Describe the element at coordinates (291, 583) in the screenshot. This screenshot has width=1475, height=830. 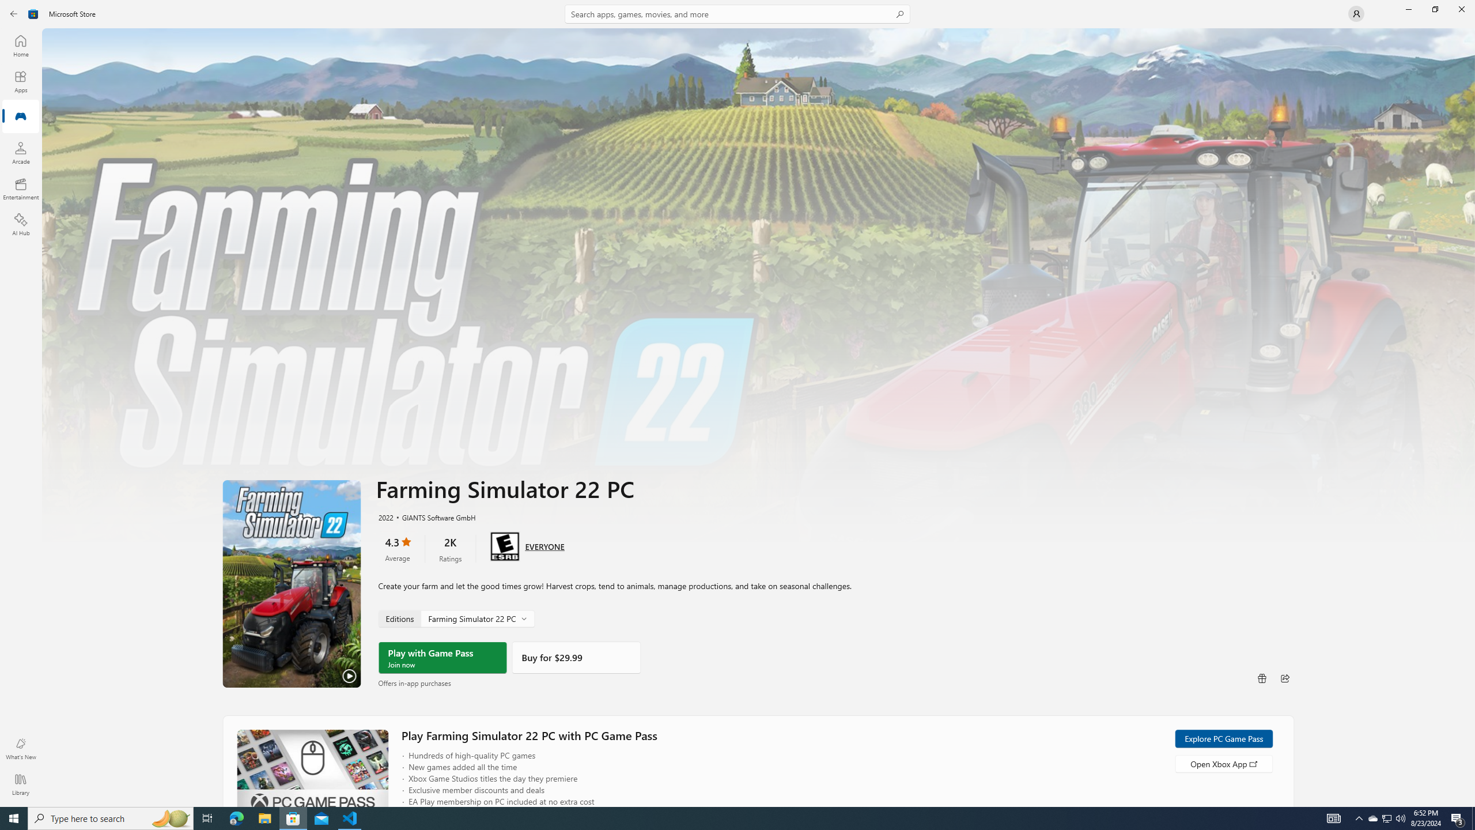
I see `'Play Trailer'` at that location.